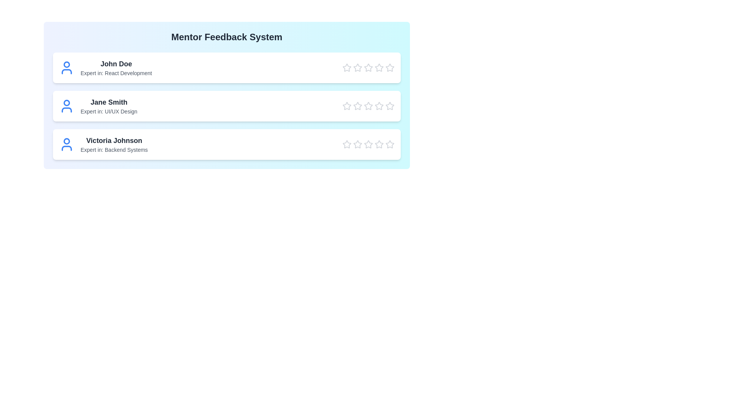 The height and width of the screenshot is (414, 737). I want to click on the user icon for the specified mentor, so click(66, 67).